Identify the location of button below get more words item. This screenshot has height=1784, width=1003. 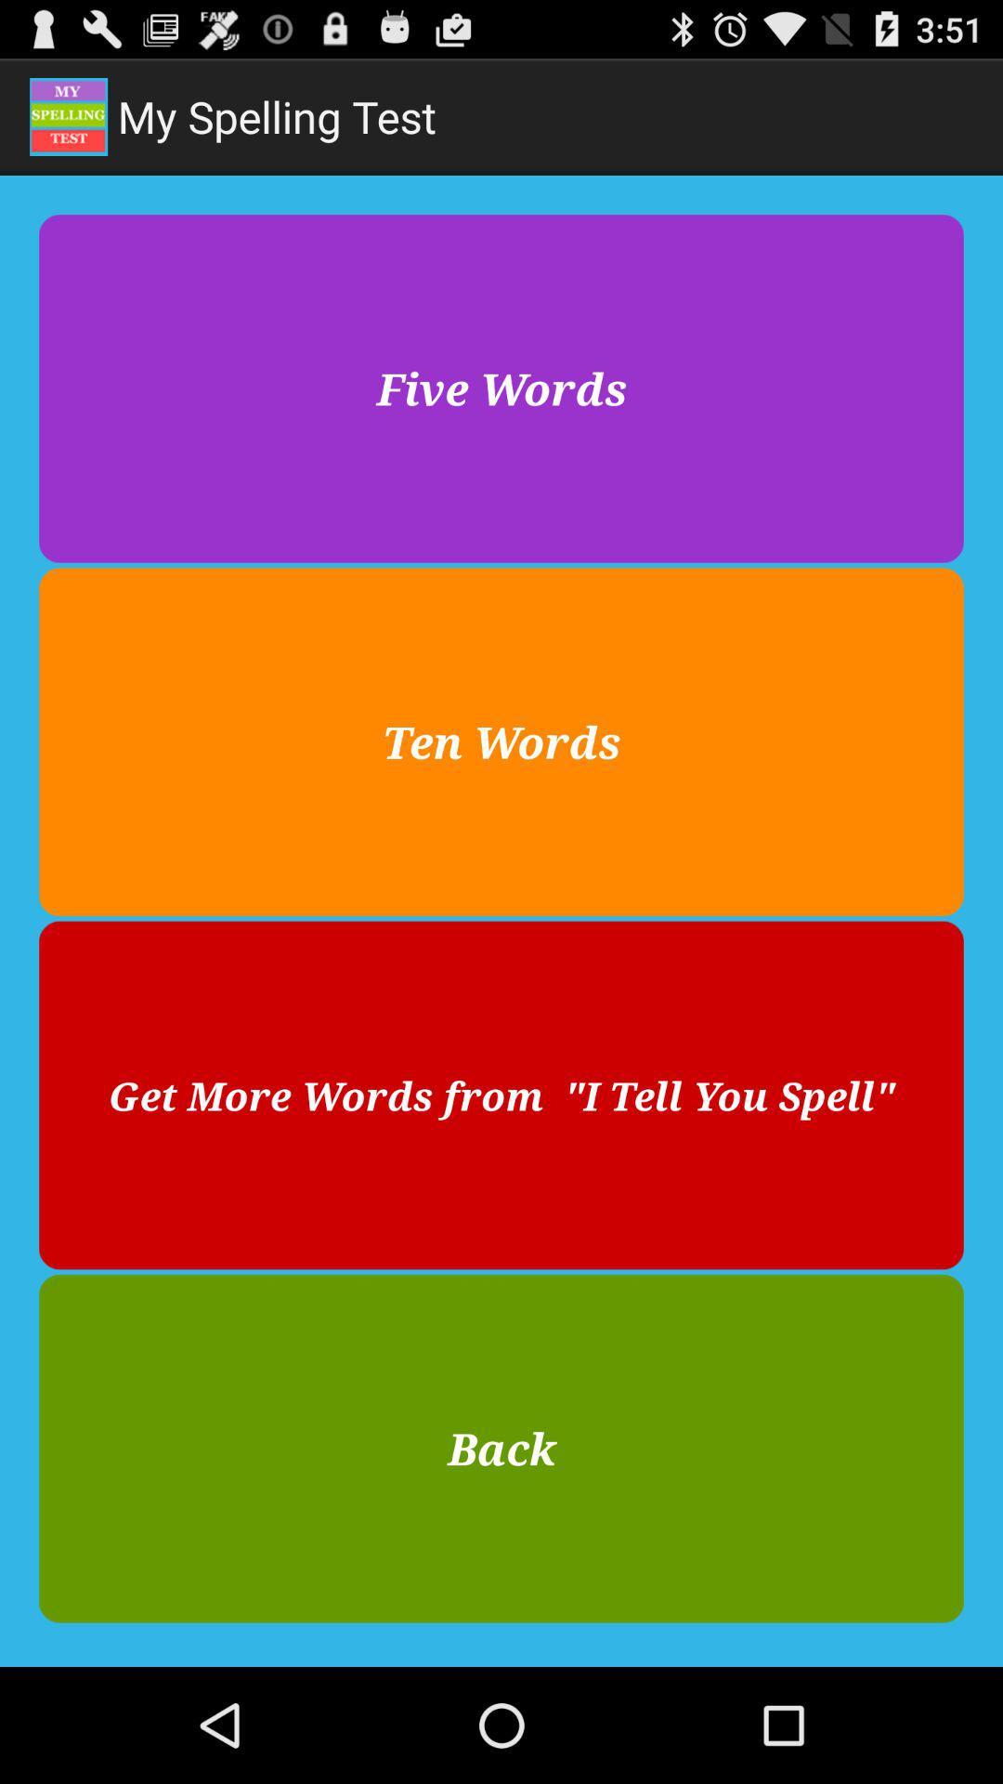
(501, 1448).